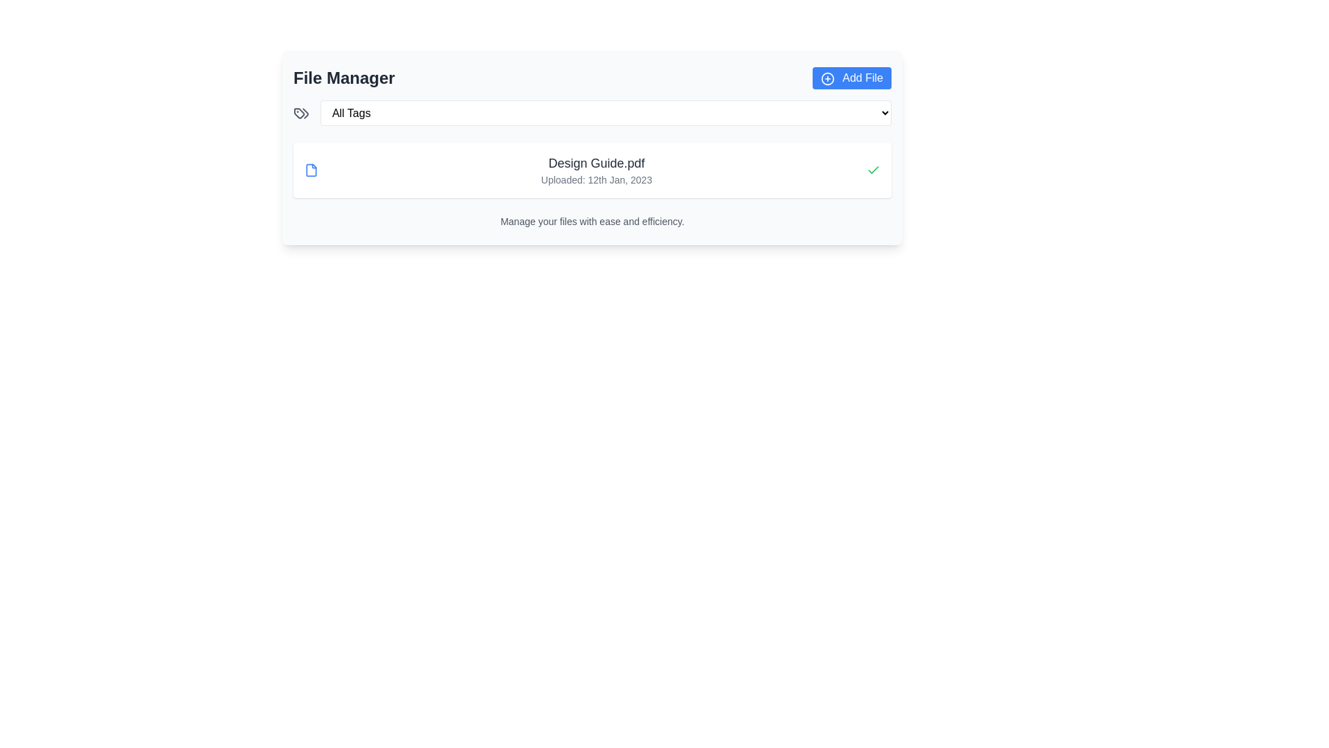 This screenshot has height=748, width=1329. Describe the element at coordinates (827, 78) in the screenshot. I see `the icon located at the top-right corner of the 'Add File' button to initiate the add file action` at that location.